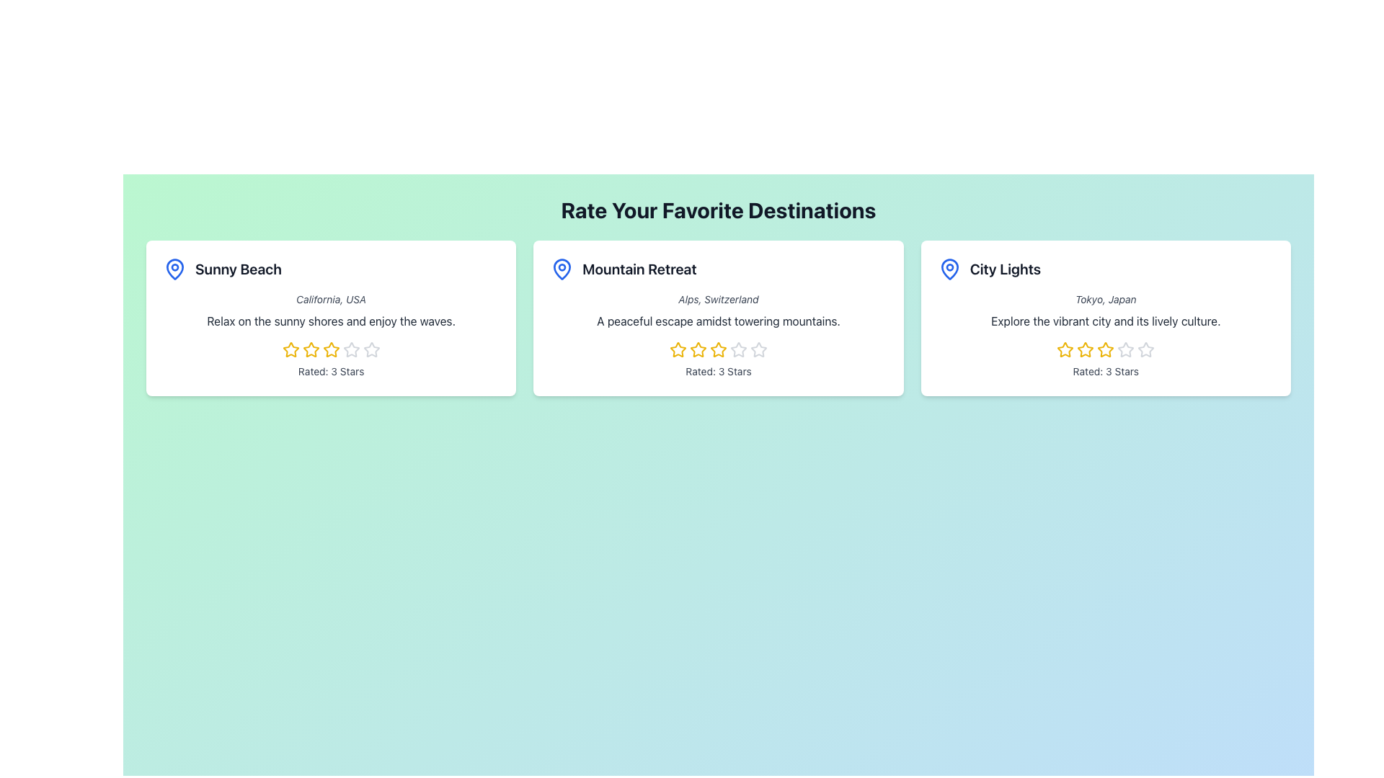  I want to click on the second yellow star icon in the rating component of the Mountain Retreat card, so click(677, 350).